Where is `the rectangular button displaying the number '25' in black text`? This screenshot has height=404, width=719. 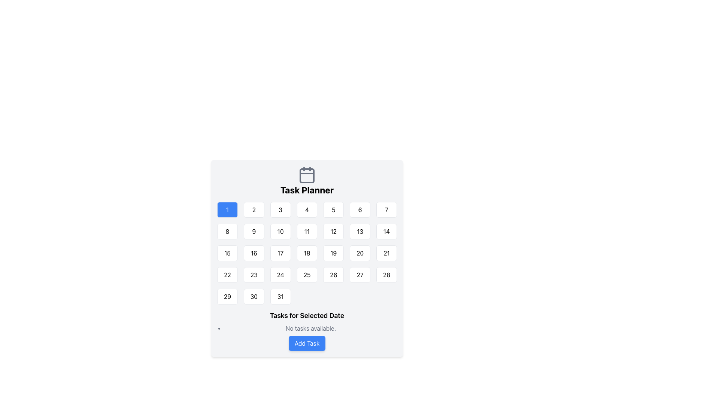 the rectangular button displaying the number '25' in black text is located at coordinates (307, 275).